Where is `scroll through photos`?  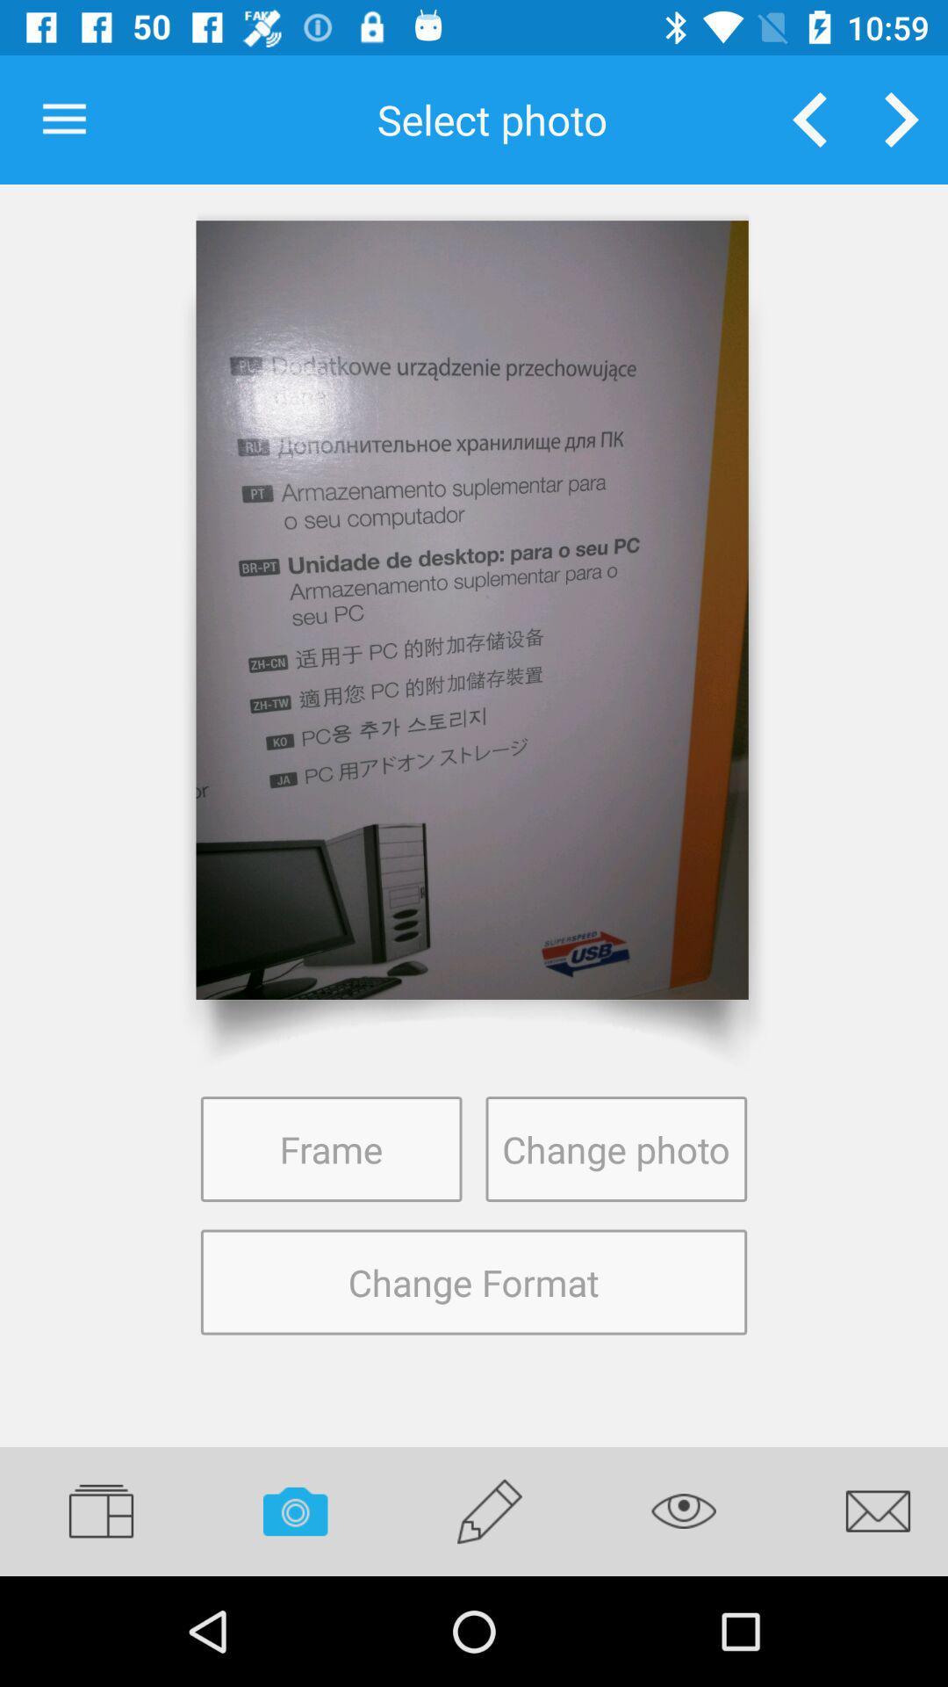
scroll through photos is located at coordinates (901, 119).